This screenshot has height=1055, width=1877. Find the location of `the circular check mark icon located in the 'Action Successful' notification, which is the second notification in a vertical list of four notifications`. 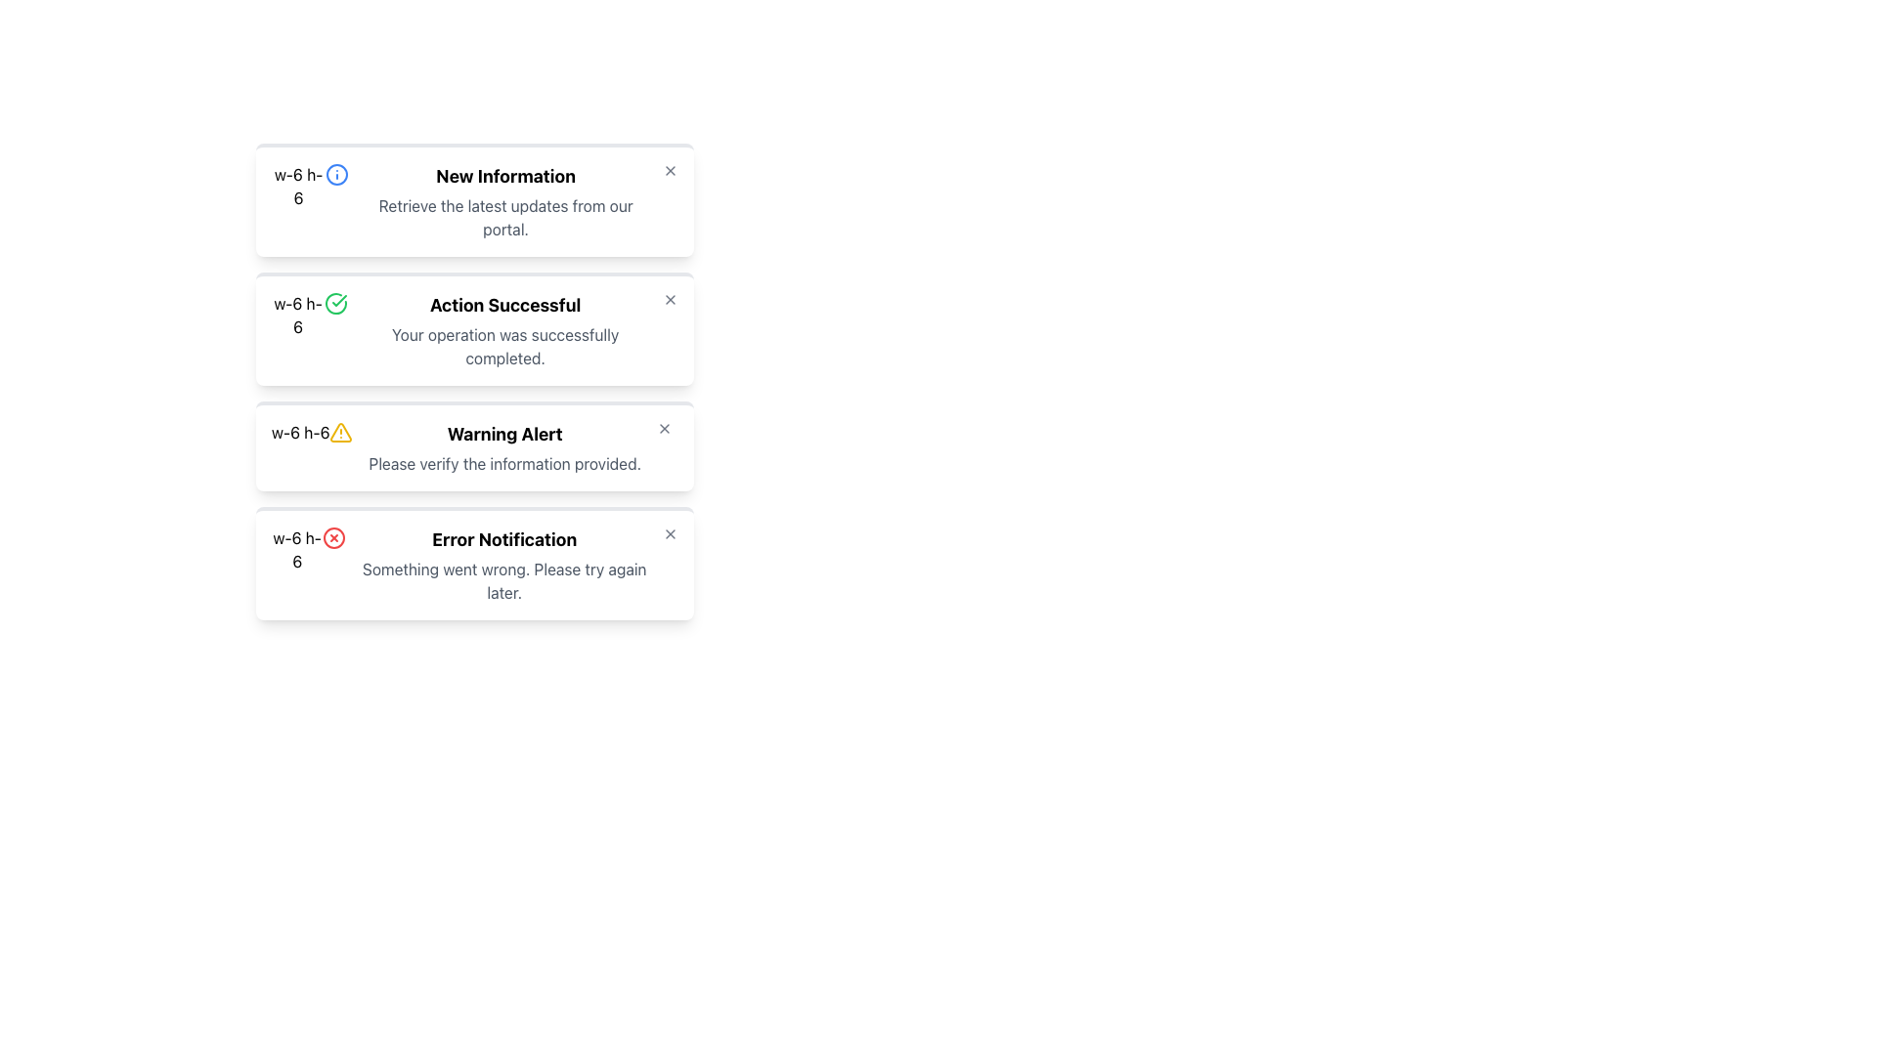

the circular check mark icon located in the 'Action Successful' notification, which is the second notification in a vertical list of four notifications is located at coordinates (339, 301).